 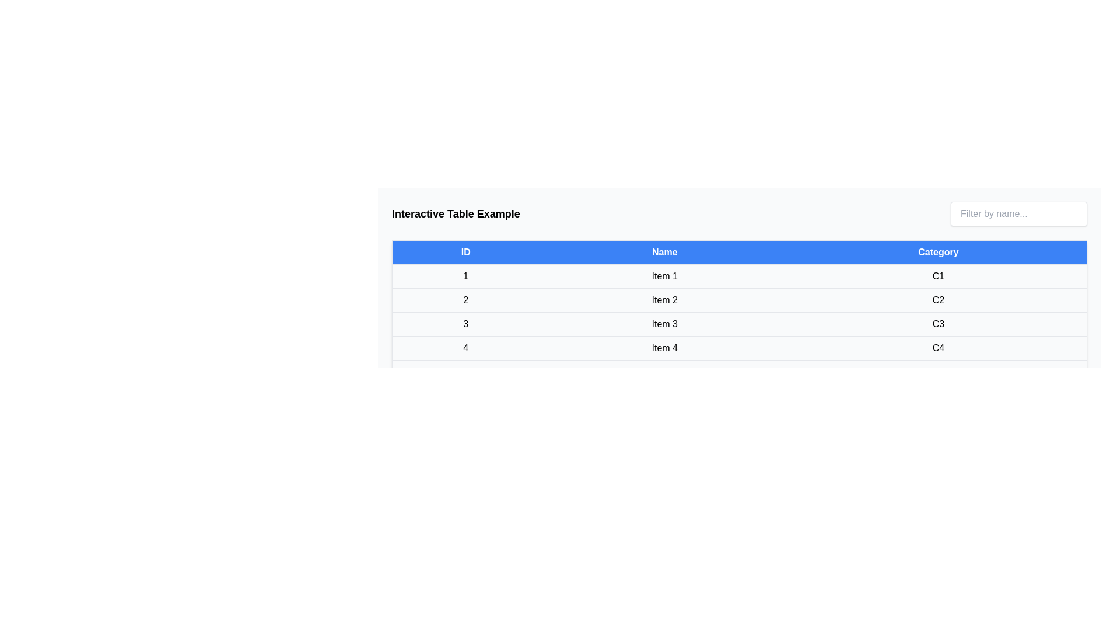 I want to click on the table header ID to sort the table by that column, so click(x=464, y=251).